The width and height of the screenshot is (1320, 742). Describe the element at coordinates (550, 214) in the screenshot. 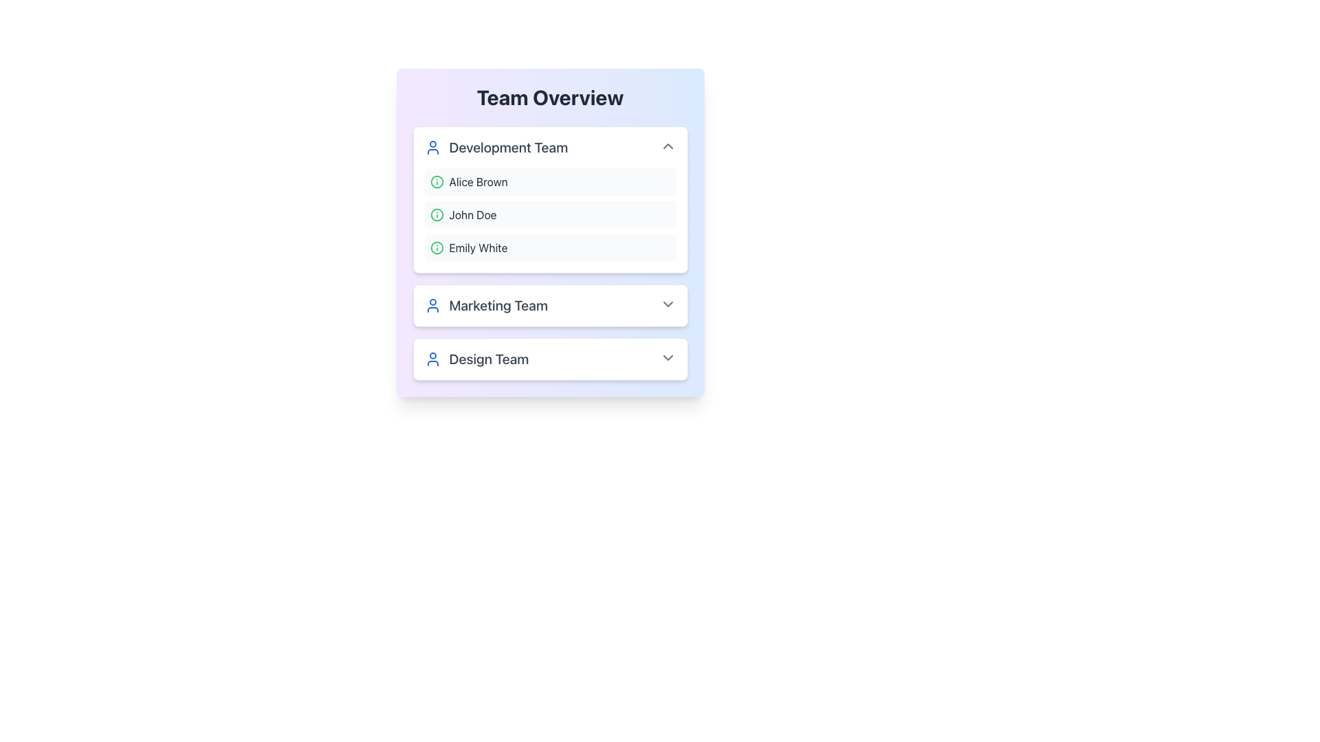

I see `the second item in the 'Development Team' list` at that location.